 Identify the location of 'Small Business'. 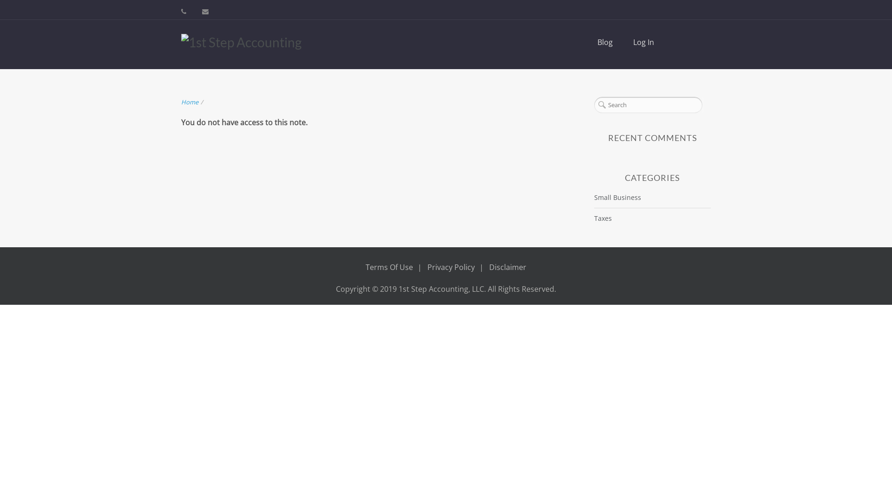
(617, 197).